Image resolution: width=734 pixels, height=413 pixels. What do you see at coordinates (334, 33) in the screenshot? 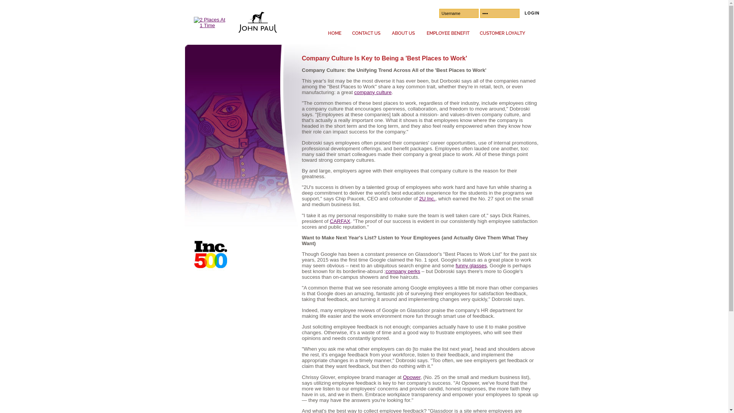
I see `'HOME'` at bounding box center [334, 33].